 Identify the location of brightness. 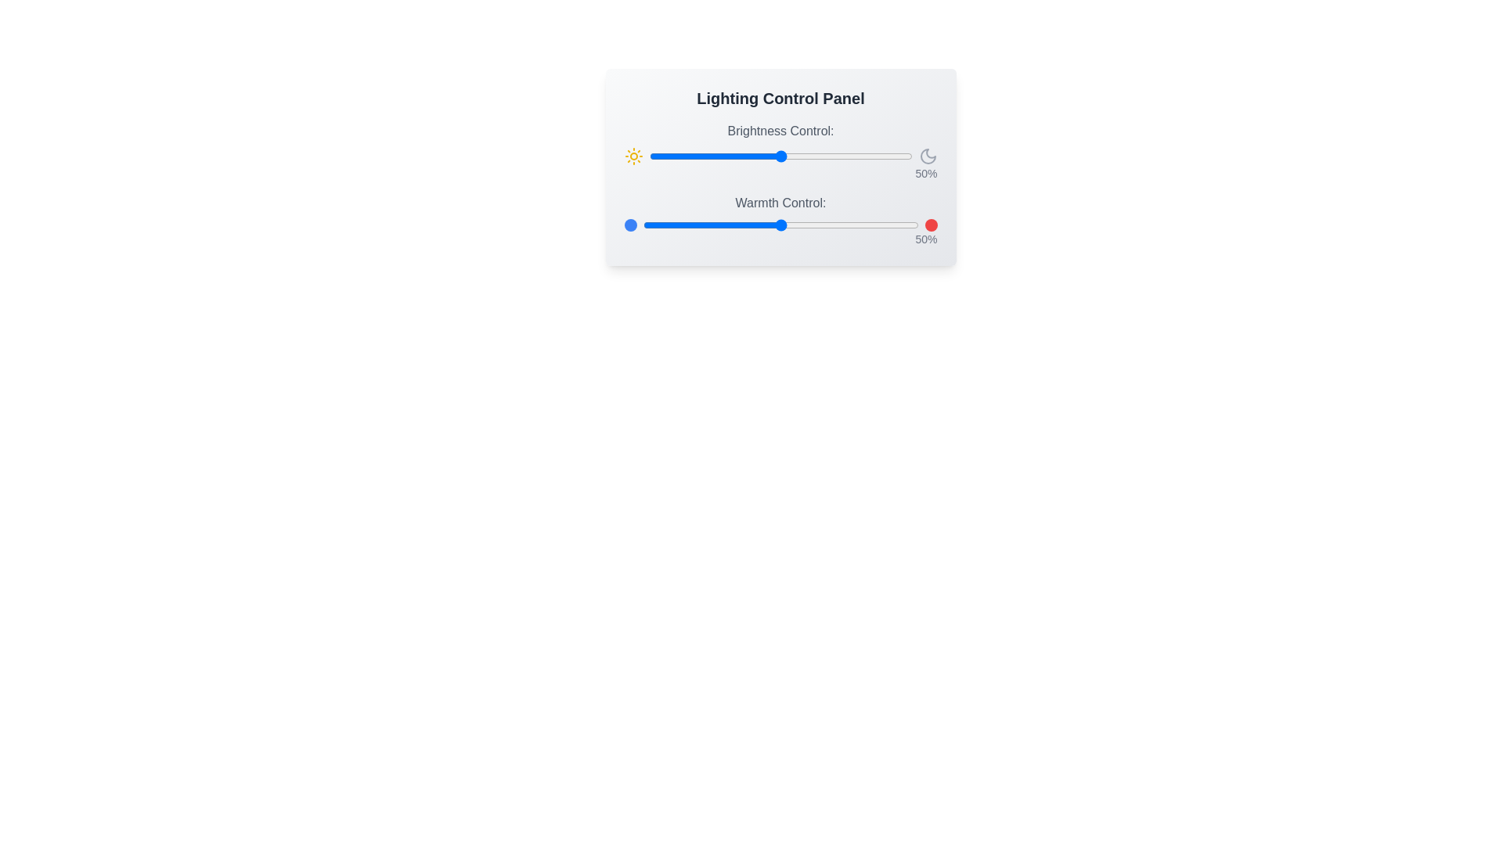
(745, 156).